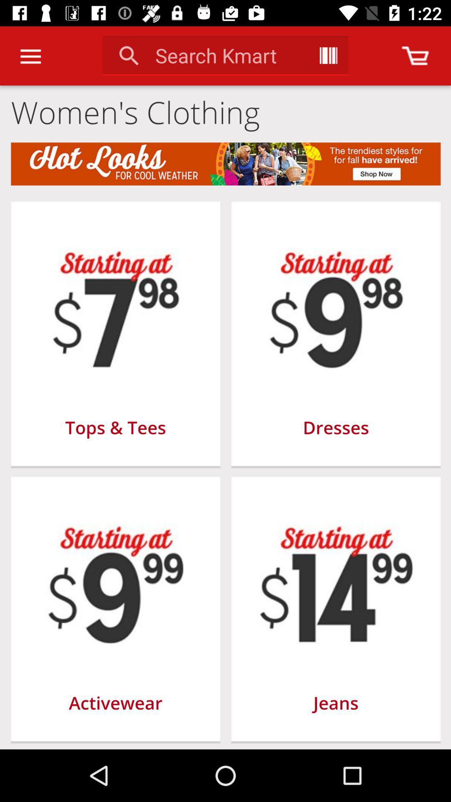 The height and width of the screenshot is (802, 451). I want to click on cart, so click(415, 55).